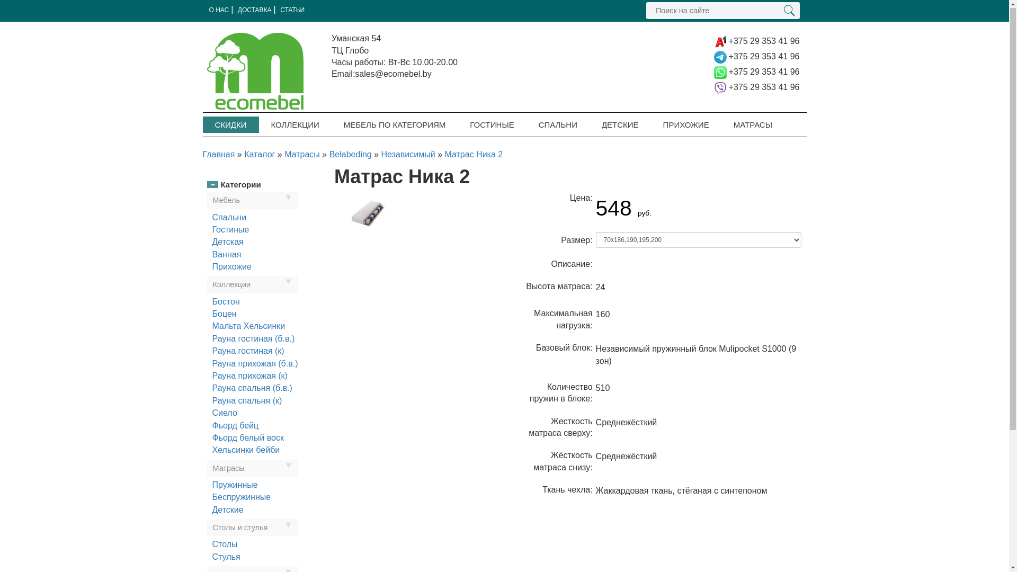 The image size is (1017, 572). Describe the element at coordinates (712, 71) in the screenshot. I see `'WhatsApp'` at that location.